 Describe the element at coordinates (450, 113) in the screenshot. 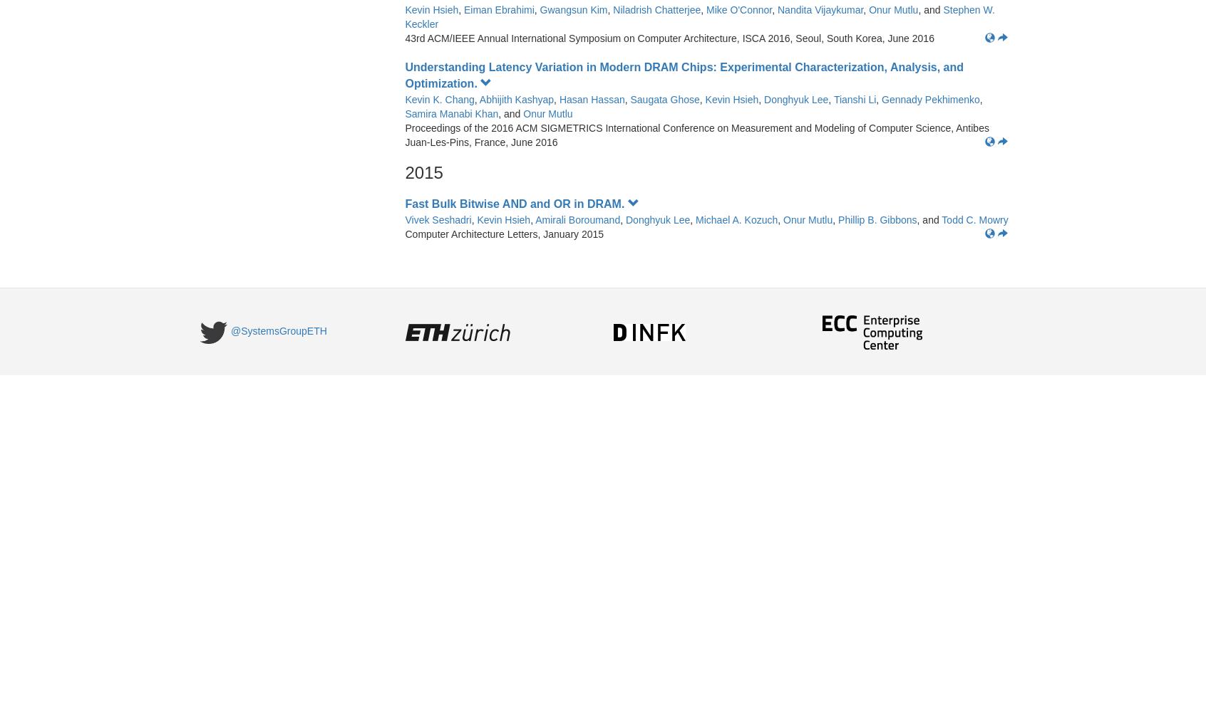

I see `'Samira Manabi Khan'` at that location.